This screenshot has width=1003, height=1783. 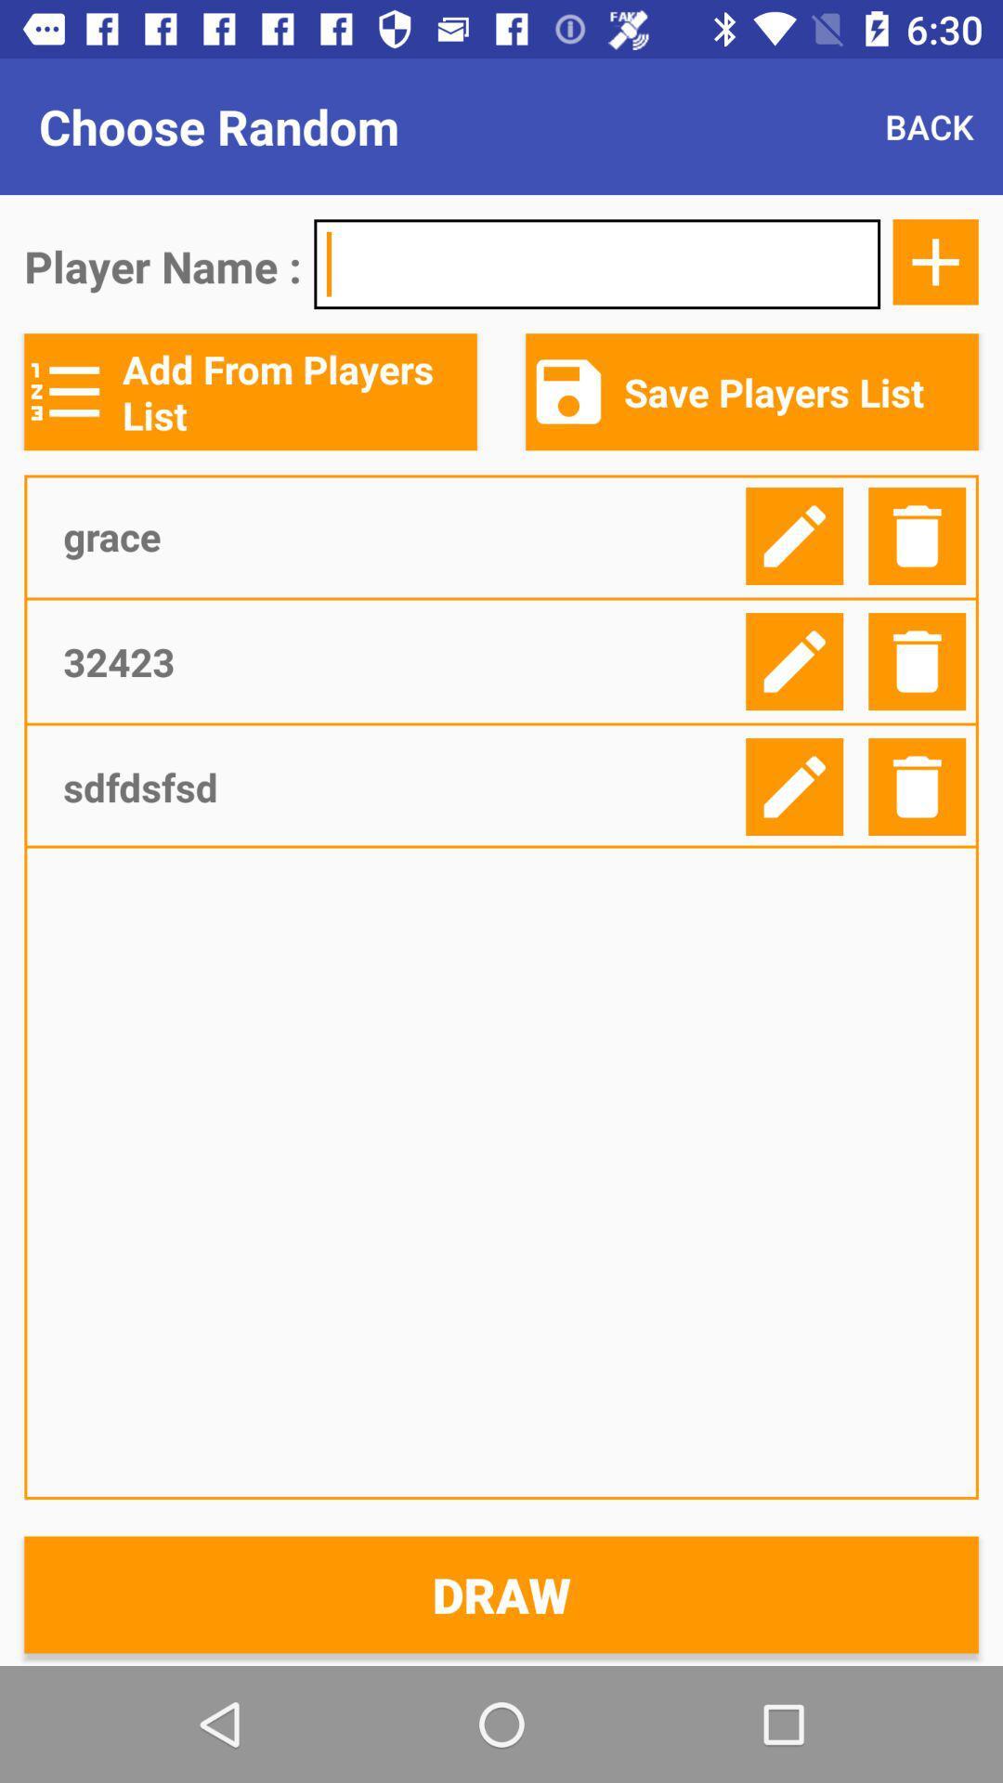 I want to click on edit player, so click(x=794, y=661).